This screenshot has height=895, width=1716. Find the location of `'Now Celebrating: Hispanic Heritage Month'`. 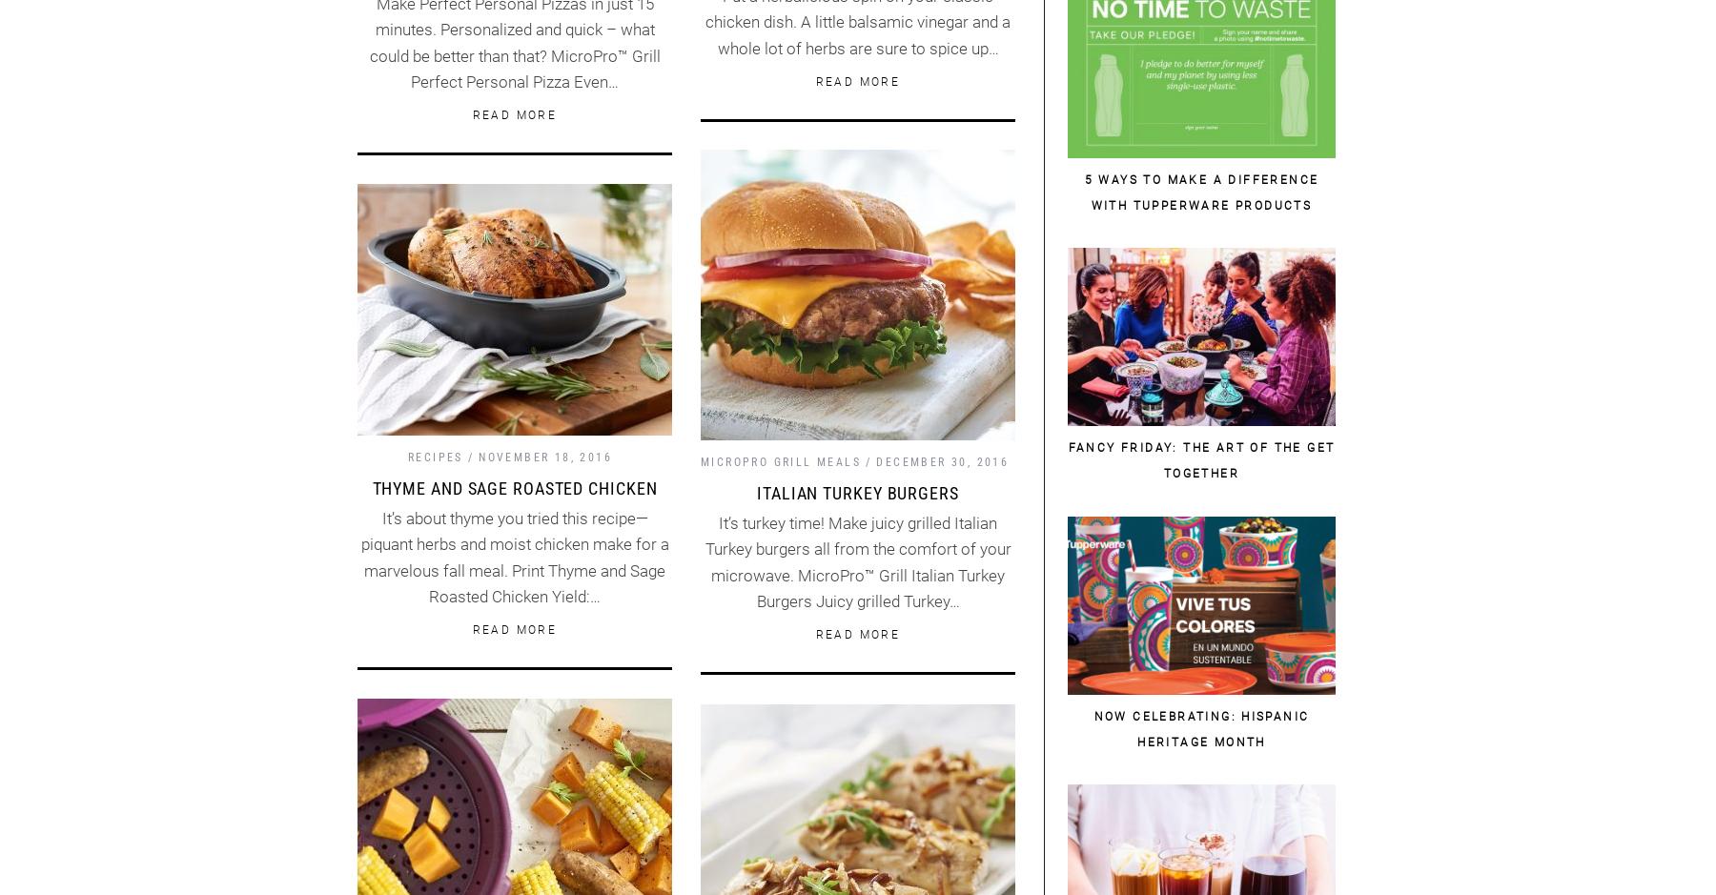

'Now Celebrating: Hispanic Heritage Month' is located at coordinates (1201, 728).